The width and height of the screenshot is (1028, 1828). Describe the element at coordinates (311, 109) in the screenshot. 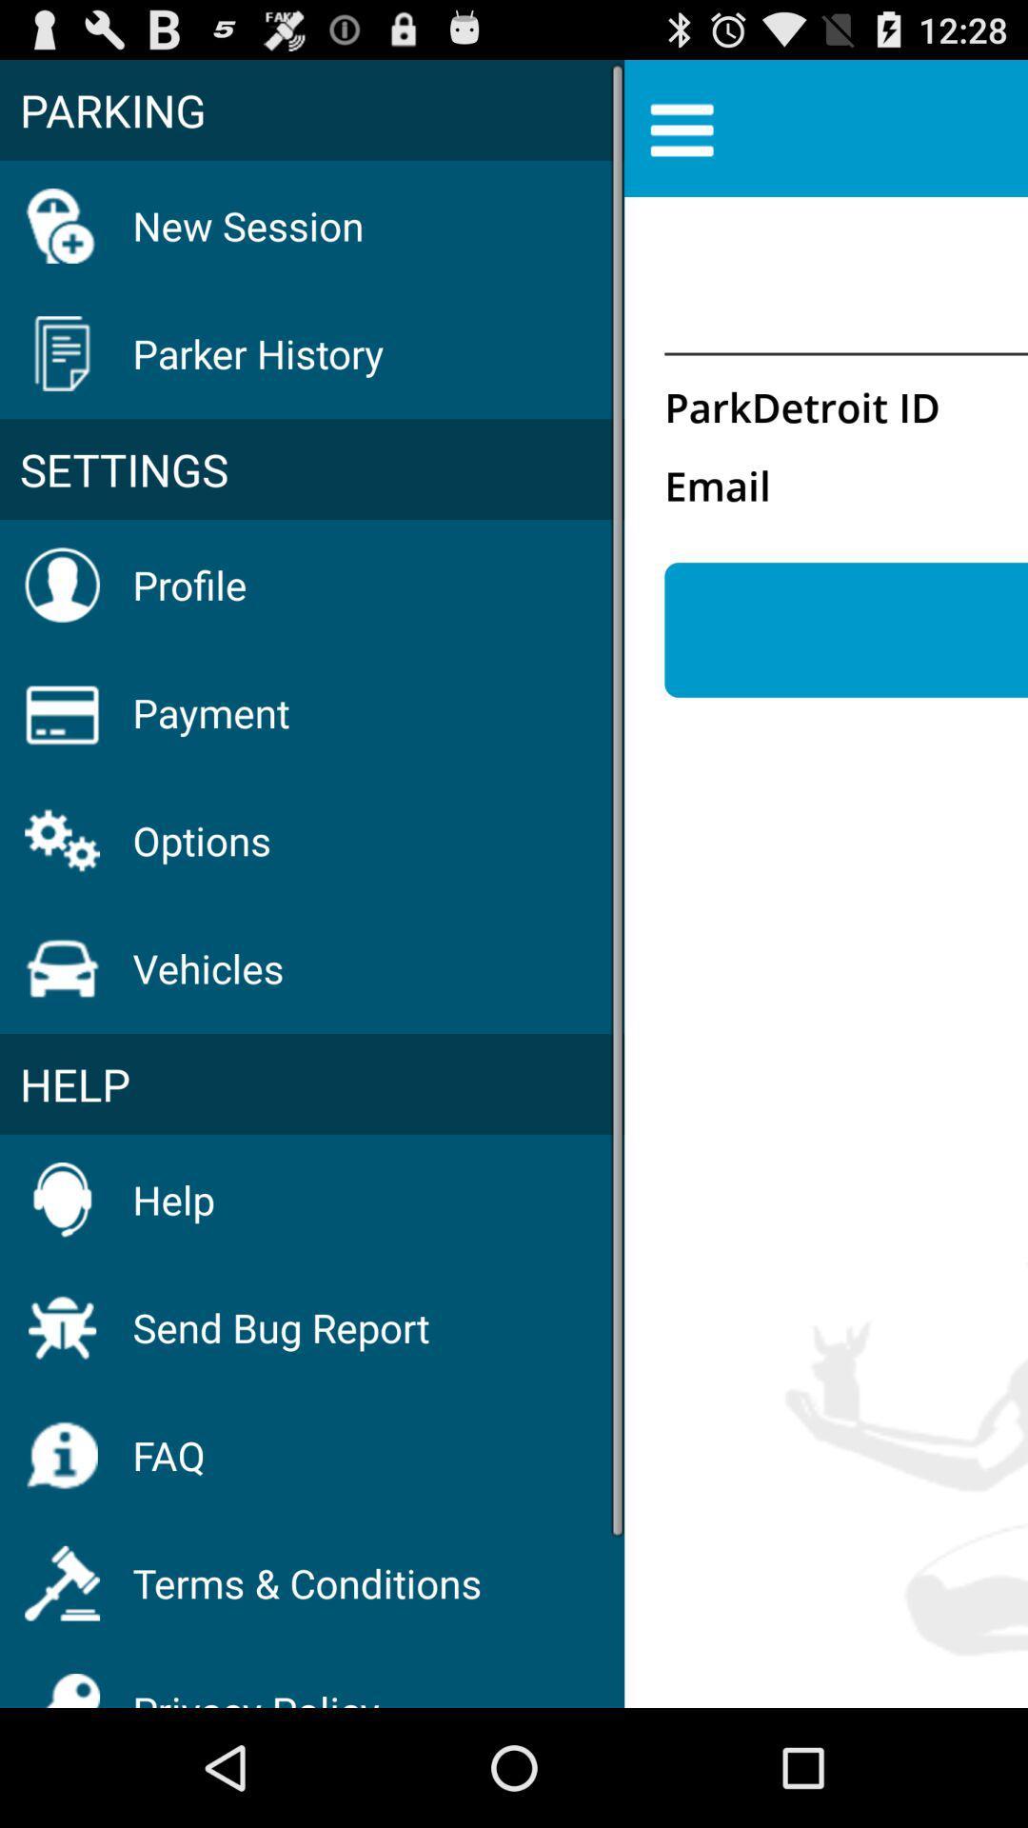

I see `the parking item` at that location.